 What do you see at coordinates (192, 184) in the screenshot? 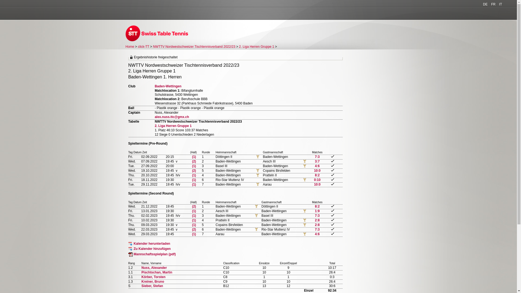
I see `'(1)'` at bounding box center [192, 184].